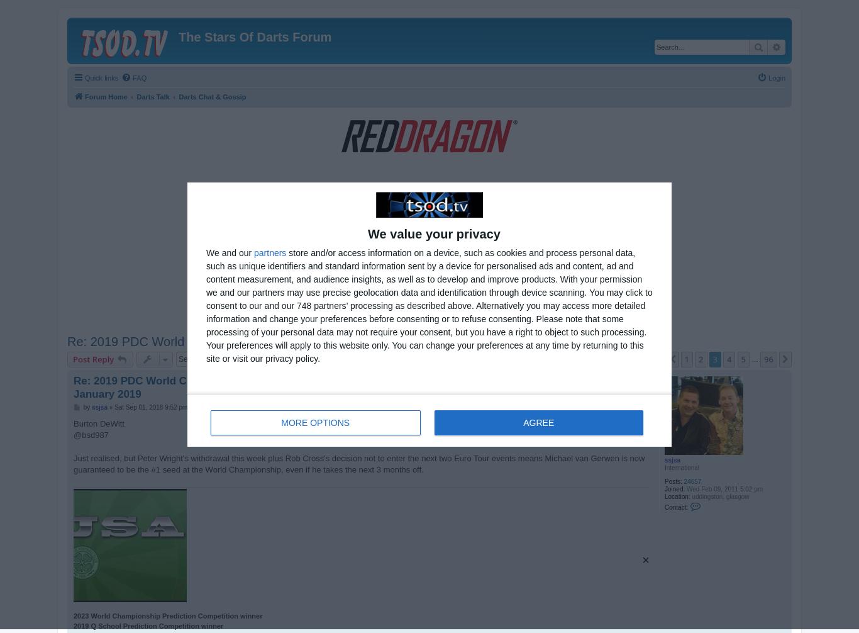  I want to click on 'Quick links', so click(84, 78).